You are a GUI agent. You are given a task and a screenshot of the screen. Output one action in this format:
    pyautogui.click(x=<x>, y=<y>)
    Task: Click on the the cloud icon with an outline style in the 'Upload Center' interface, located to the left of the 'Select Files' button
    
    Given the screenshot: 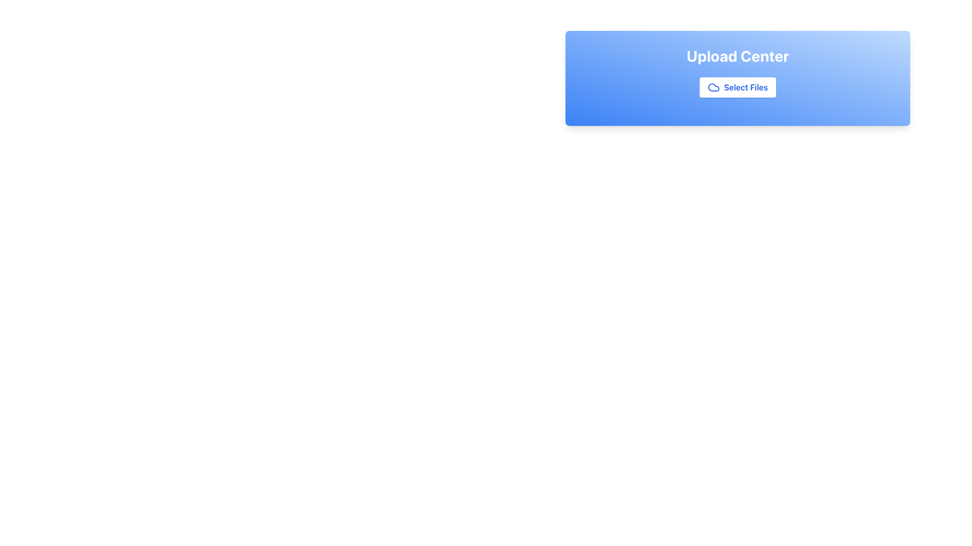 What is the action you would take?
    pyautogui.click(x=713, y=87)
    